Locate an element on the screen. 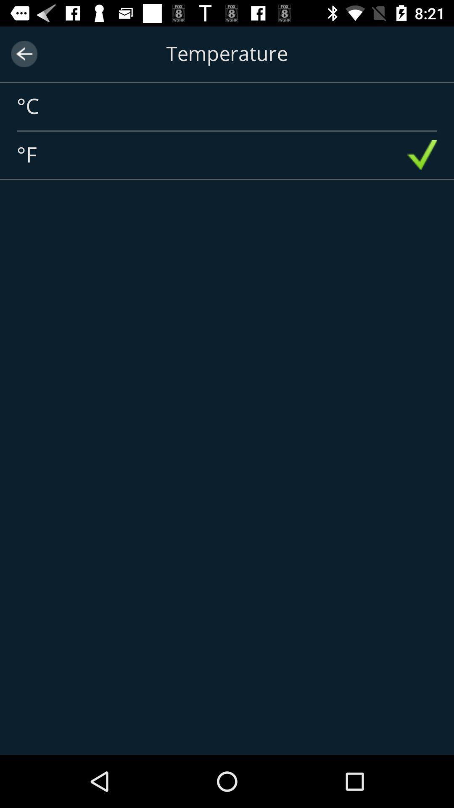 This screenshot has width=454, height=808. the arrow_backward icon is located at coordinates (24, 53).